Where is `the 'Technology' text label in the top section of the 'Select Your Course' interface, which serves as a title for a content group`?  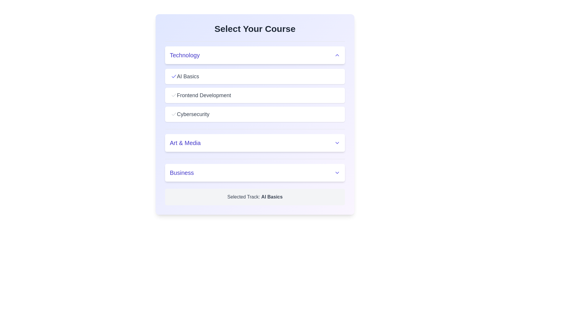 the 'Technology' text label in the top section of the 'Select Your Course' interface, which serves as a title for a content group is located at coordinates (184, 55).